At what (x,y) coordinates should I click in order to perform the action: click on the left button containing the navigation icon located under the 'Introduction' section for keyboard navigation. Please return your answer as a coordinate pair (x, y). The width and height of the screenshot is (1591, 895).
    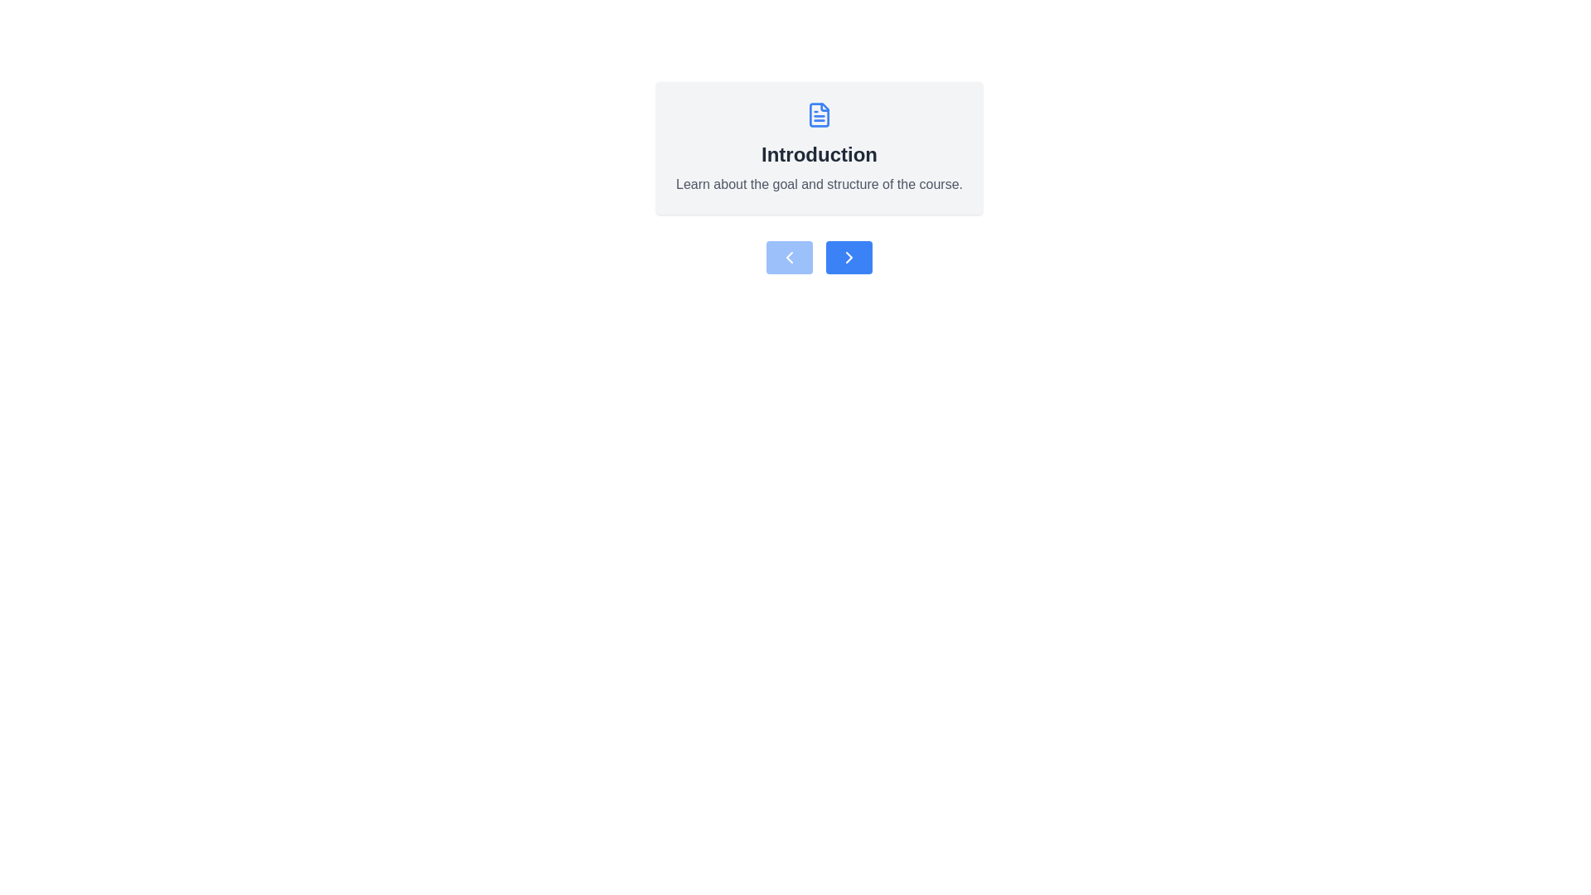
    Looking at the image, I should click on (789, 258).